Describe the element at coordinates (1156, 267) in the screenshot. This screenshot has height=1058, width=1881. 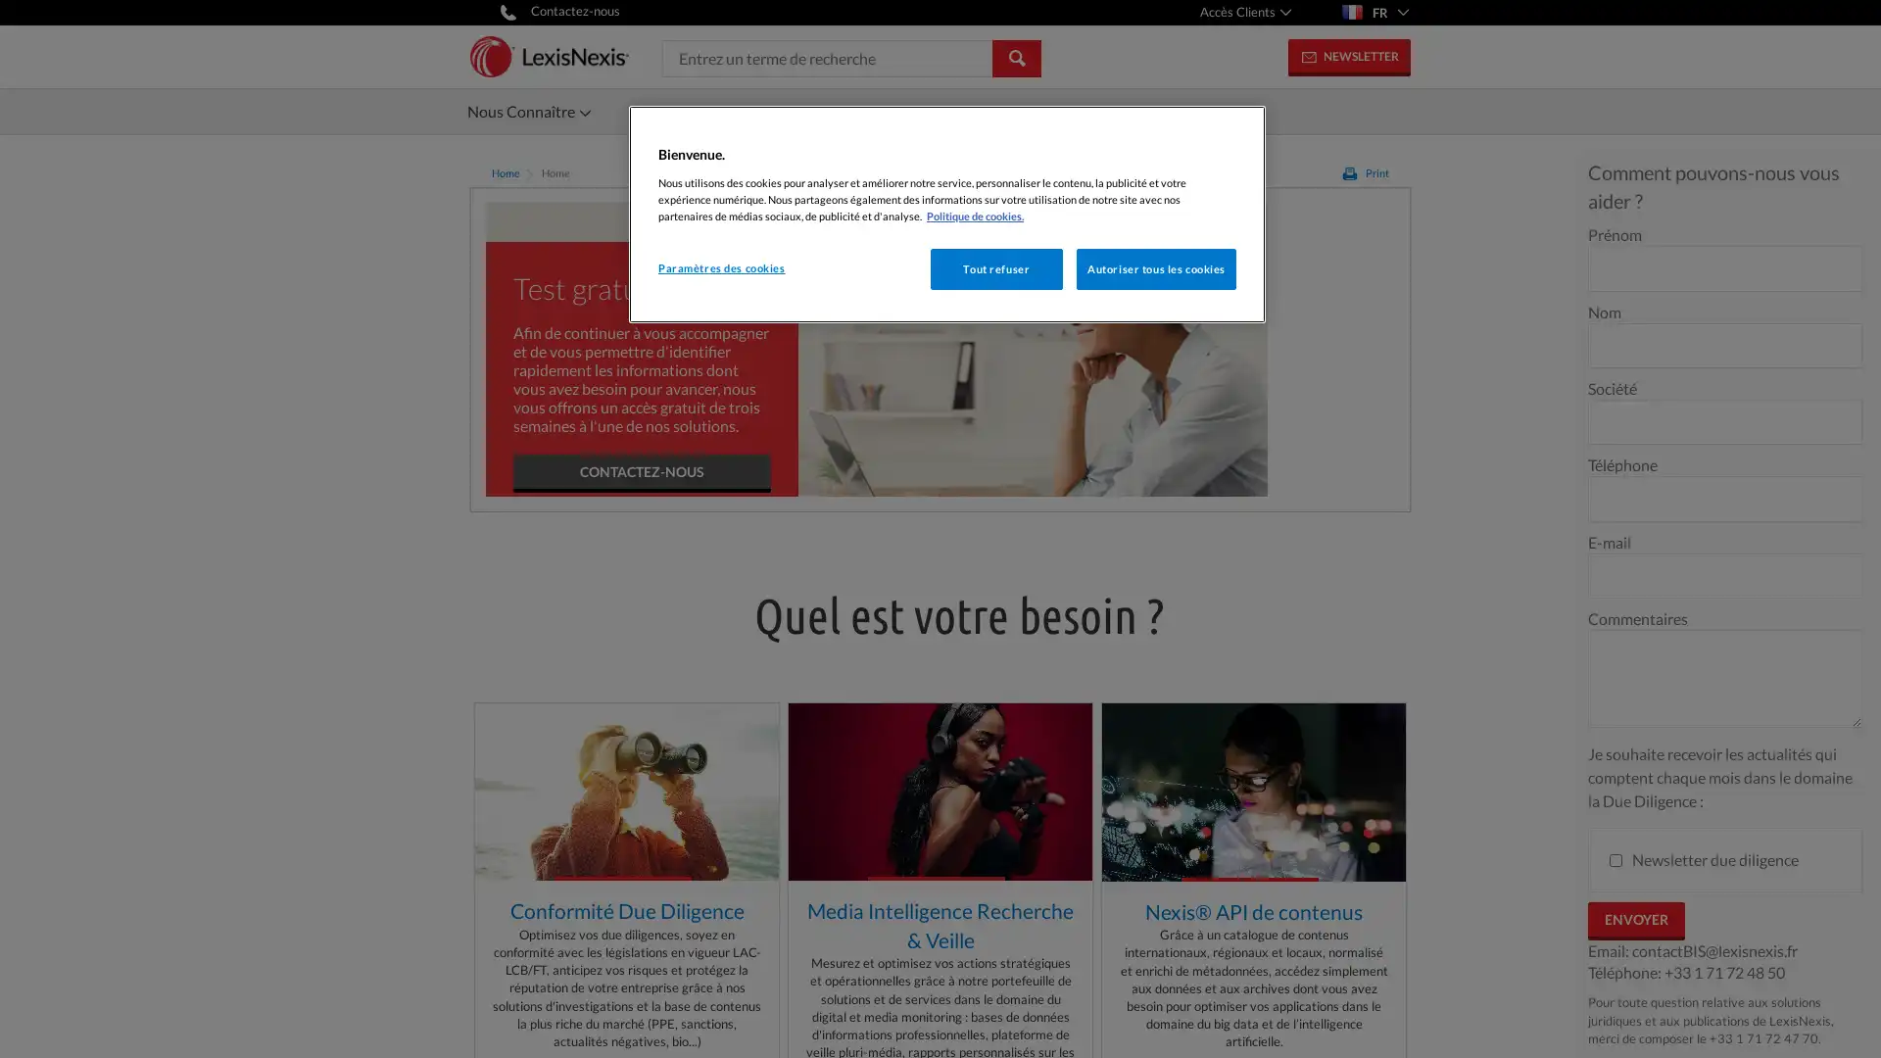
I see `Autoriser tous les cookies` at that location.